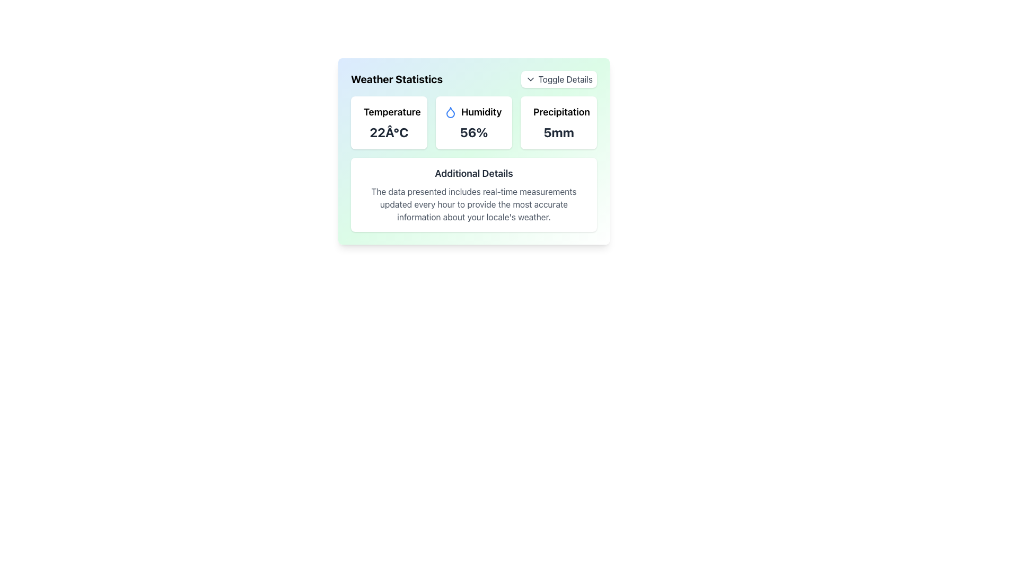 This screenshot has height=572, width=1018. What do you see at coordinates (473, 112) in the screenshot?
I see `the 'Humidity' label with a blue droplet icon, which is the first item in the weather metrics list on the weather card` at bounding box center [473, 112].